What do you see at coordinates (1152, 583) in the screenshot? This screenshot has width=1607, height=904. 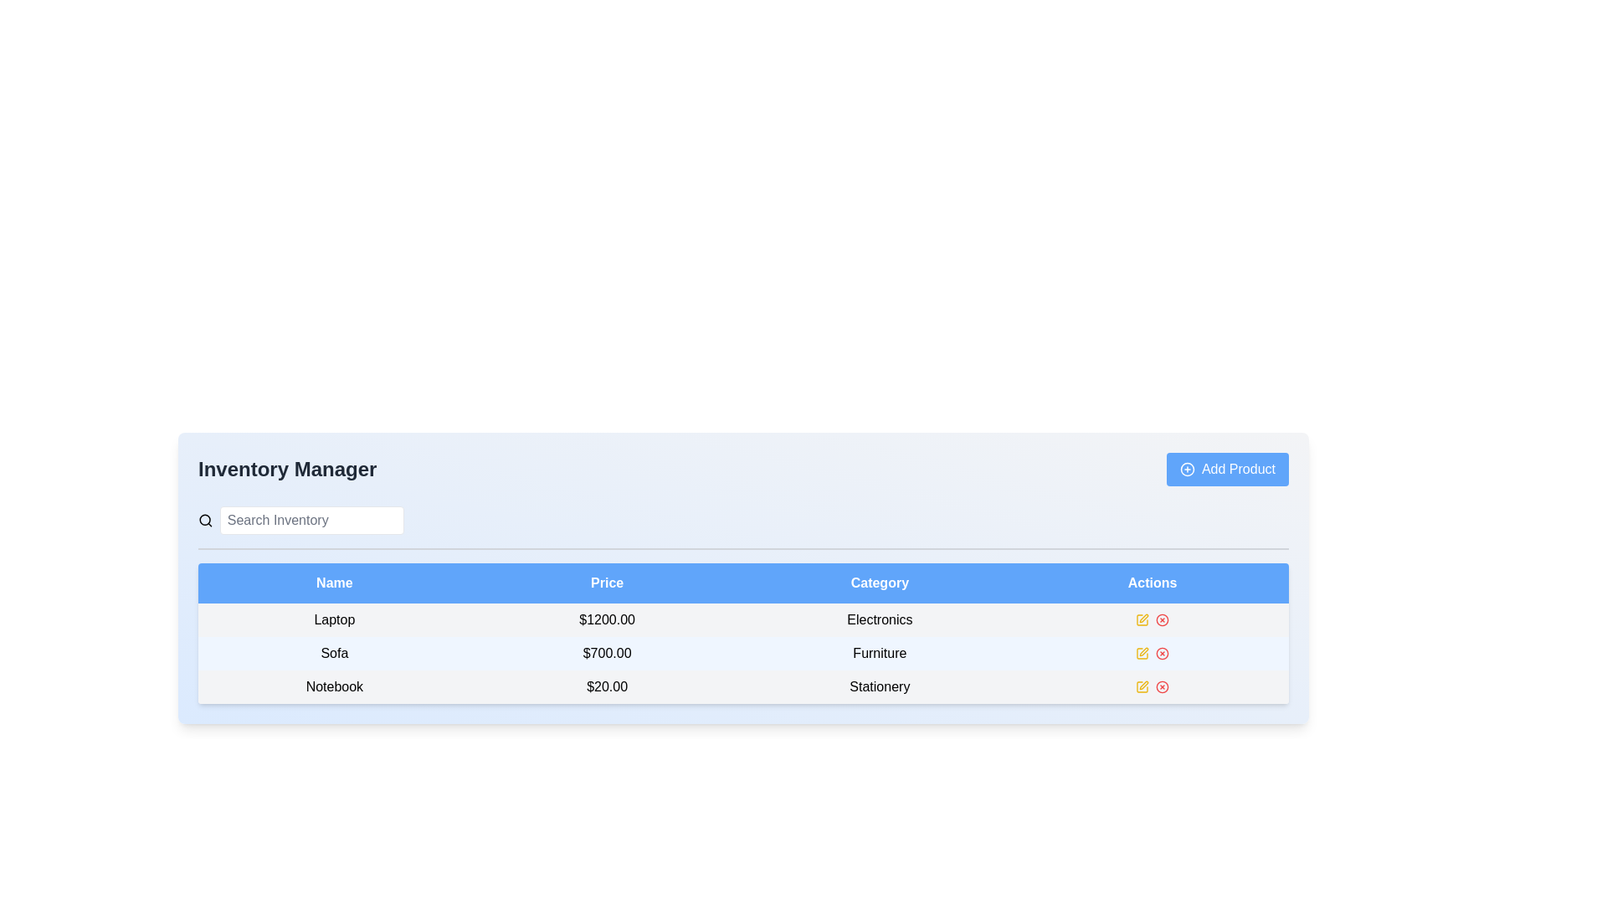 I see `the static text label displaying 'Actions' in a data table header, which is the fourth column header to the right of 'Category'` at bounding box center [1152, 583].